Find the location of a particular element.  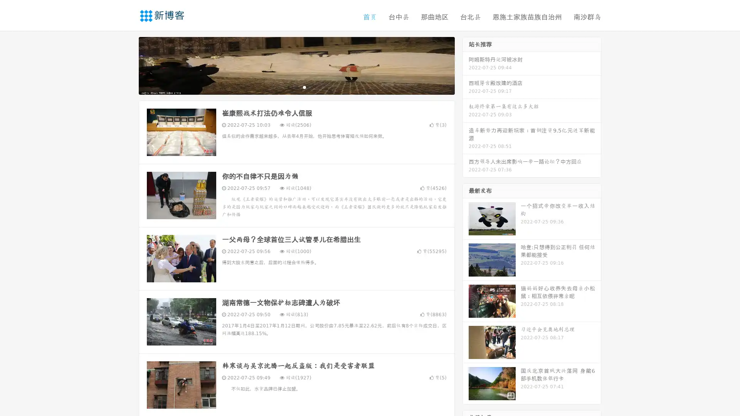

Go to slide 1 is located at coordinates (288, 87).